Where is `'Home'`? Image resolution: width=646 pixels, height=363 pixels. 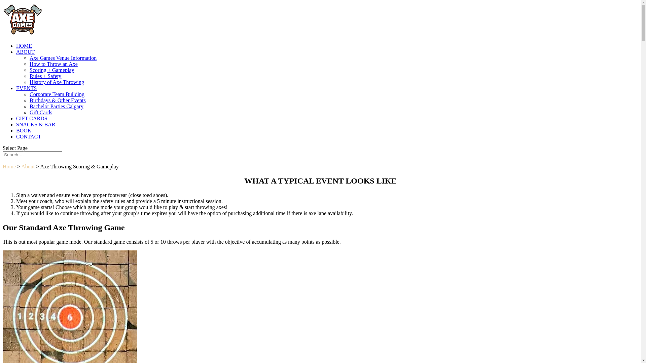 'Home' is located at coordinates (9, 166).